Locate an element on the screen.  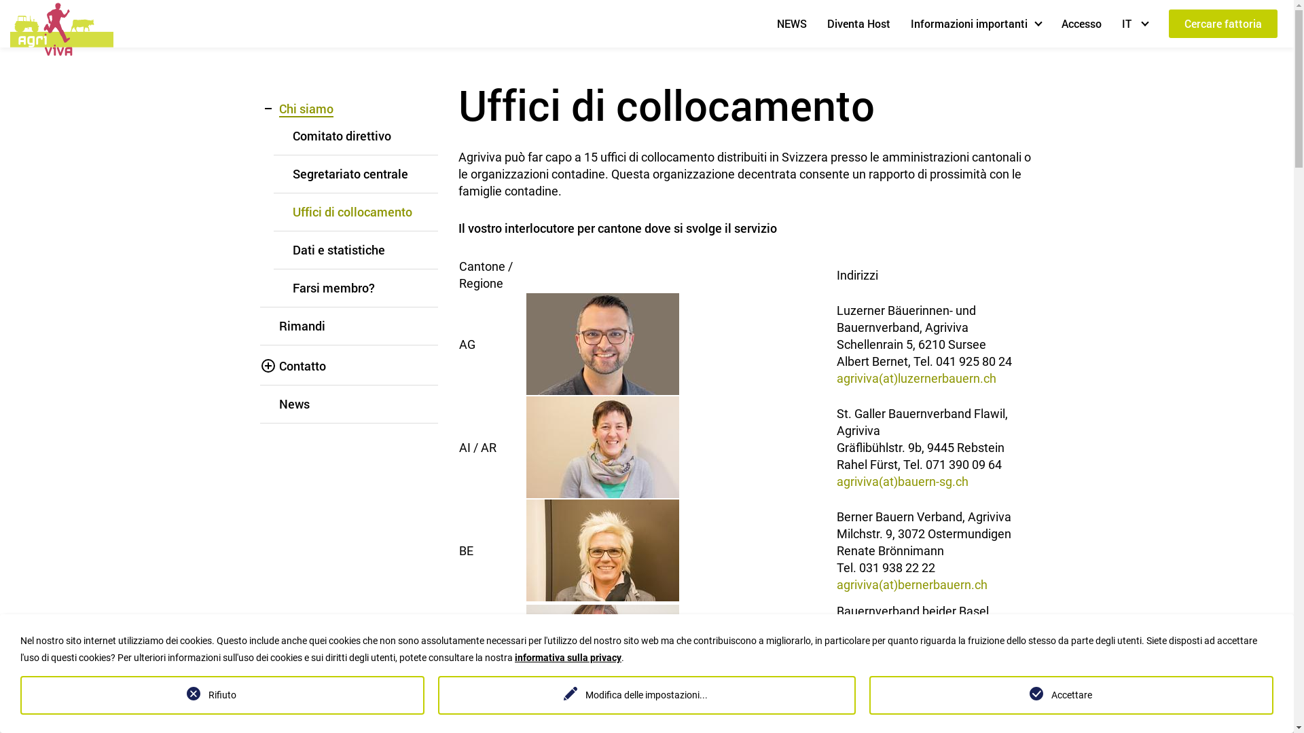
'IT' is located at coordinates (1116, 23).